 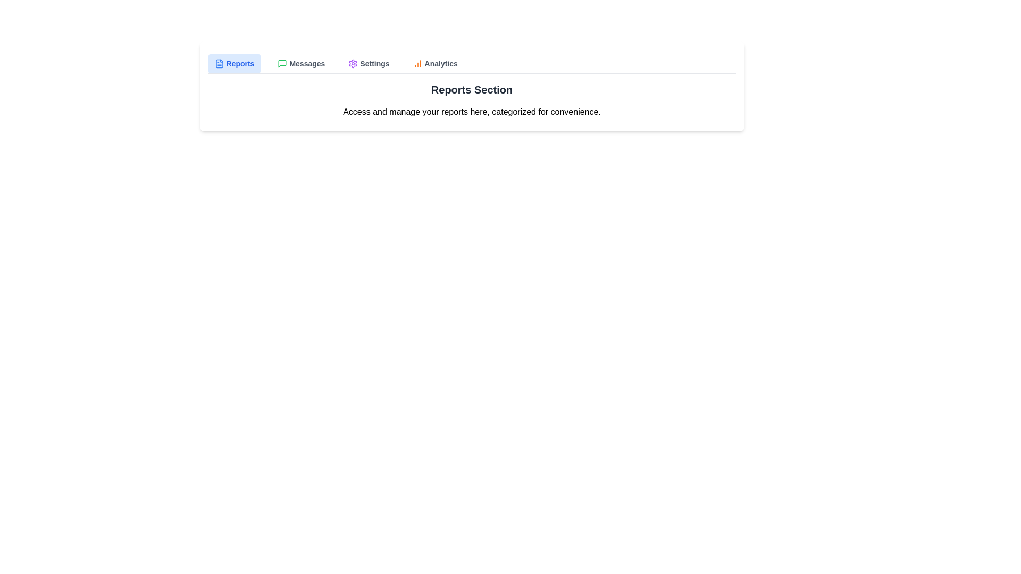 What do you see at coordinates (435, 63) in the screenshot?
I see `the 'Analytics' button, which features an orange bar chart icon and is located in the navigation bar as the fourth item from the left` at bounding box center [435, 63].